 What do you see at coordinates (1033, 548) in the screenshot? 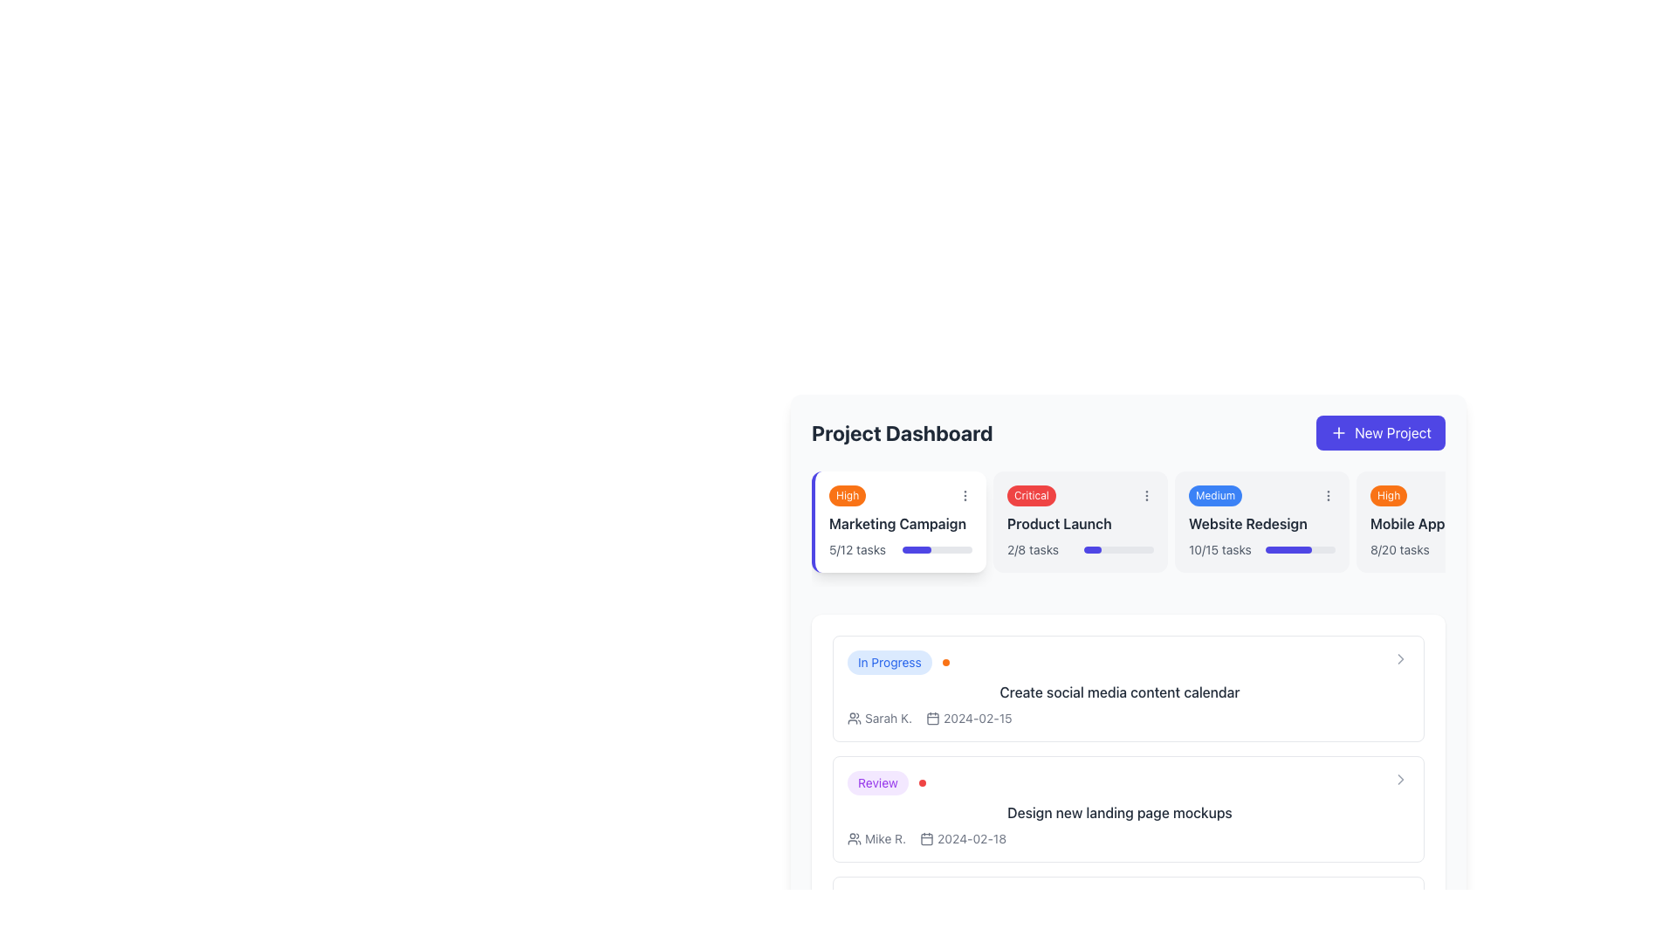
I see `the informational Text label indicating the number of tasks completed for the 'Product Launch' project, located in the bottom left of the card component` at bounding box center [1033, 548].